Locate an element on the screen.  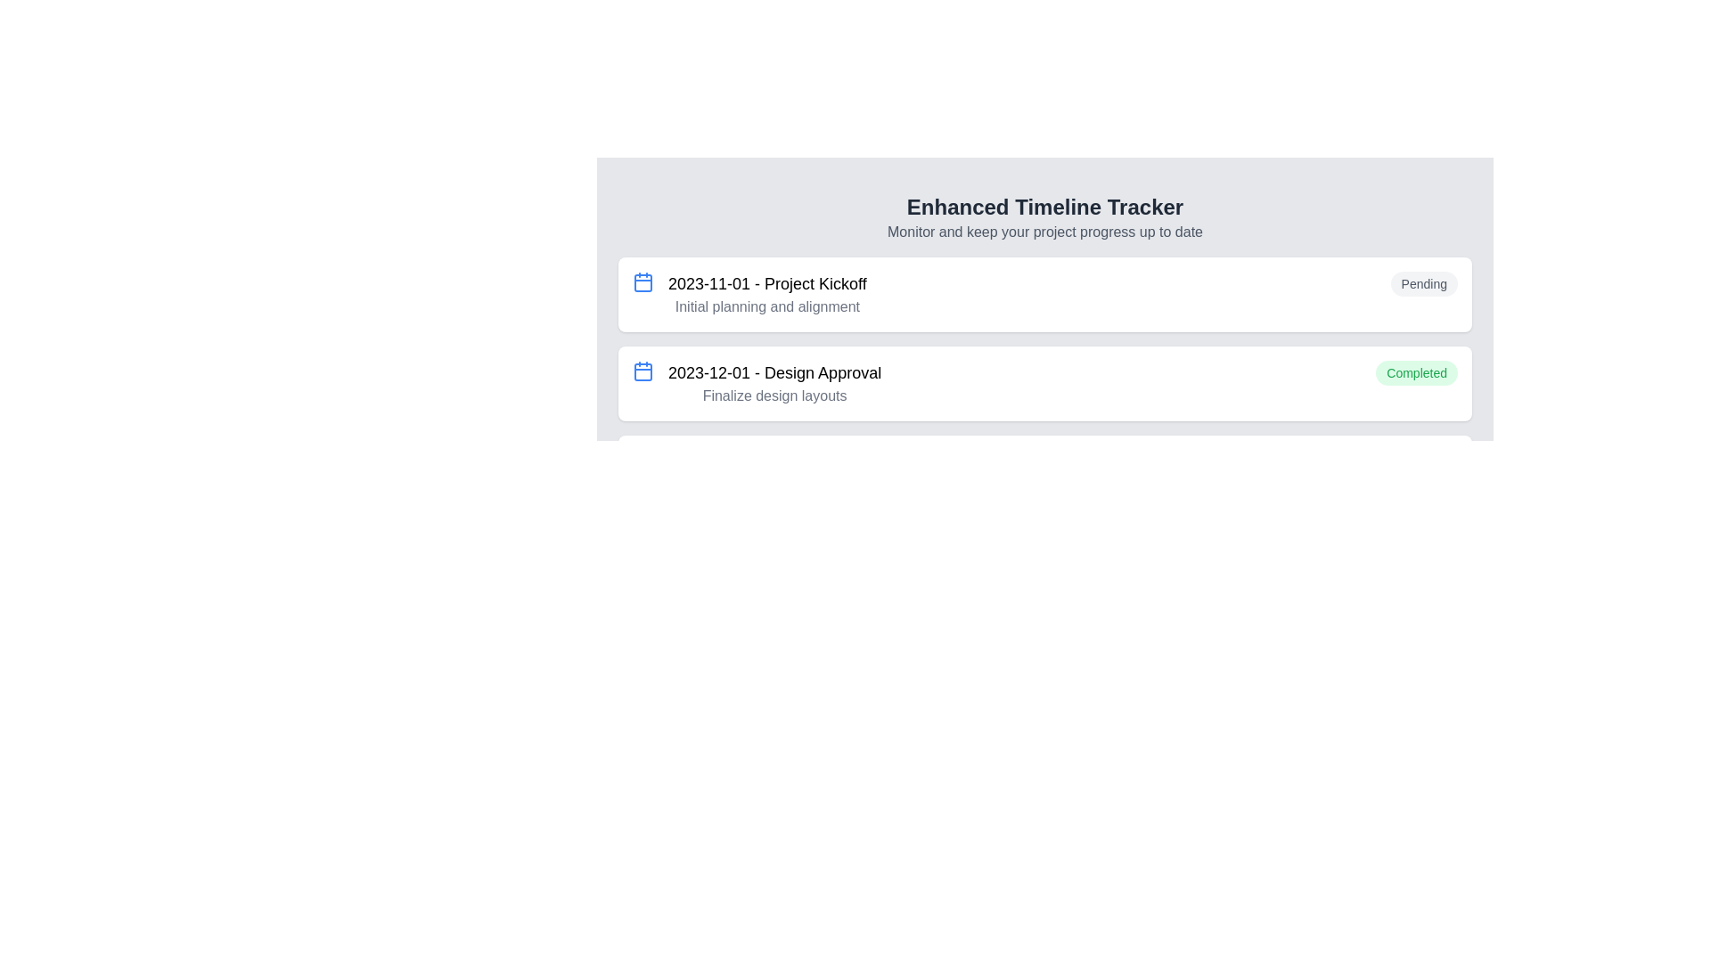
the static Text label providing contextual information for the timeline event 'Project Kickoff', located beneath the heading '2023-11-01 - Project Kickoff' is located at coordinates (767, 306).